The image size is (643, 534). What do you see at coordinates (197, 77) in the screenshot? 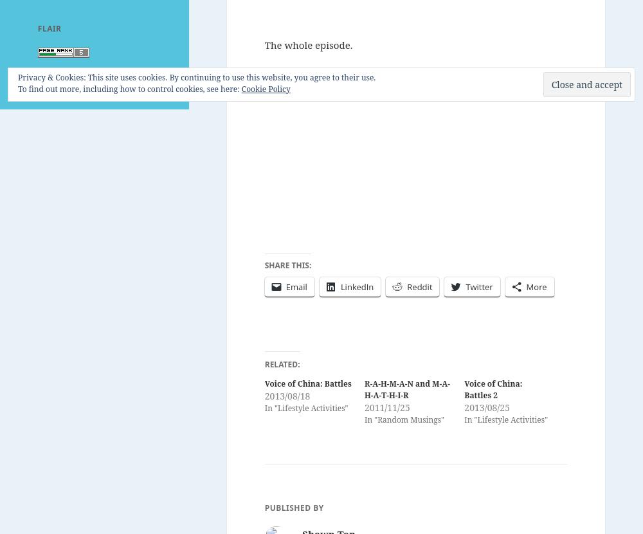
I see `'Privacy & Cookies: This site uses cookies. By continuing to use this website, you agree to their use.'` at bounding box center [197, 77].